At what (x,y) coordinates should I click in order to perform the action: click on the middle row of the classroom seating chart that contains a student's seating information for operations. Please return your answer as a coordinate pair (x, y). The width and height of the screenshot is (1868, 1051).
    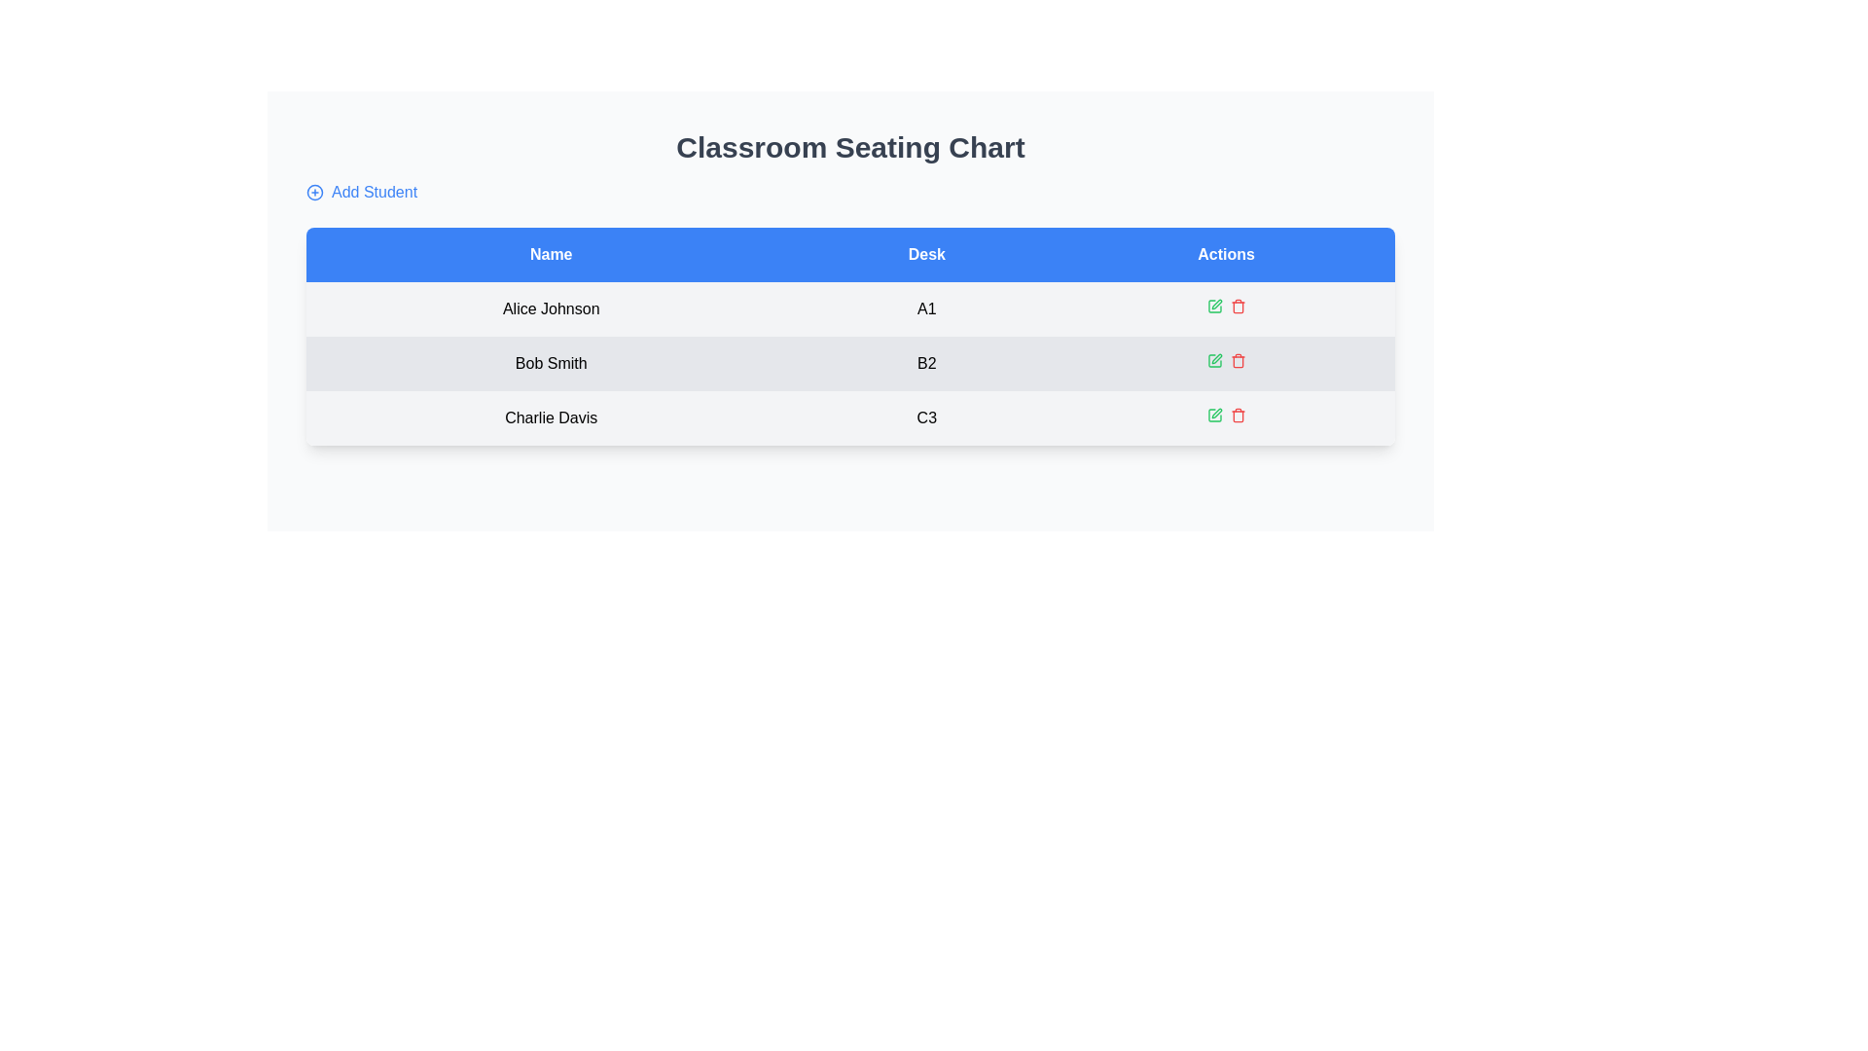
    Looking at the image, I should click on (850, 364).